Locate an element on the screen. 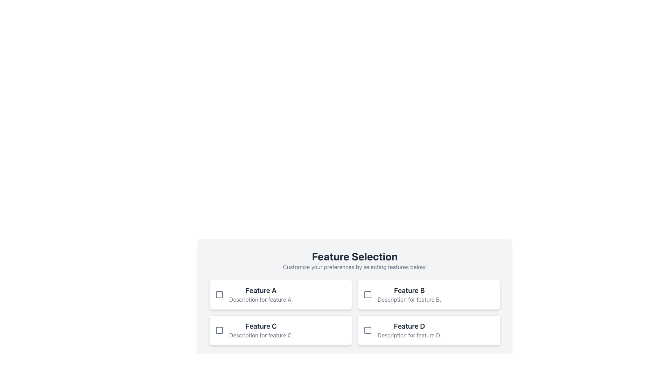 This screenshot has height=378, width=672. the checkbox in the 'Feature C' selection card is located at coordinates (280, 330).